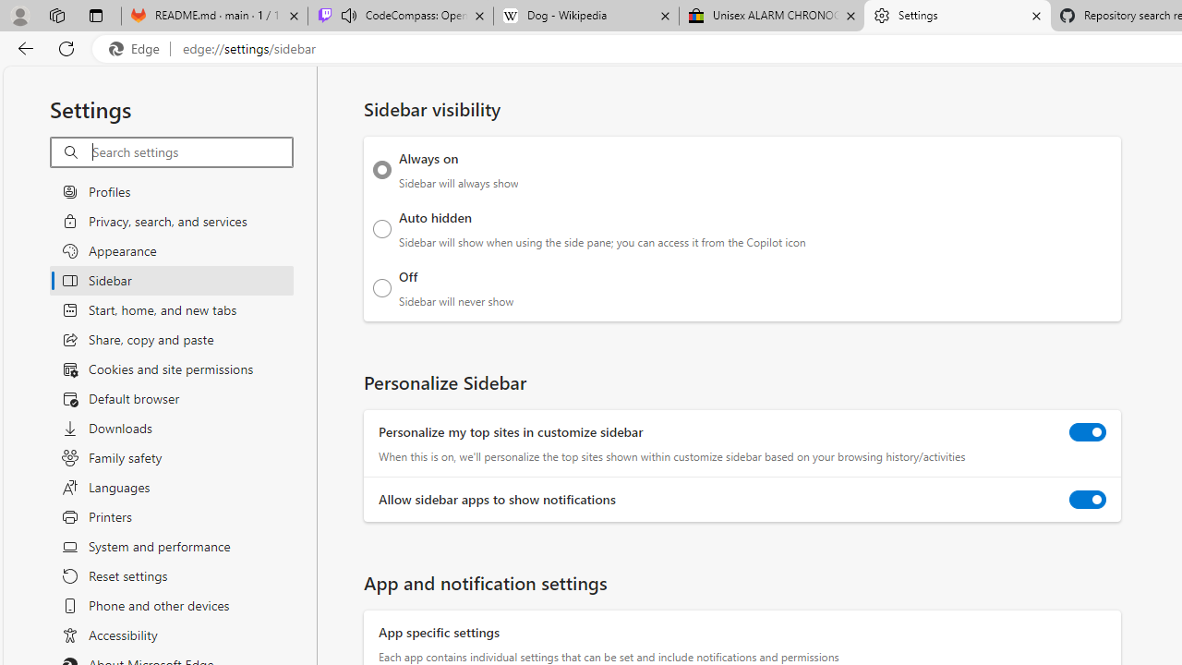  Describe the element at coordinates (192, 151) in the screenshot. I see `'Search settings'` at that location.